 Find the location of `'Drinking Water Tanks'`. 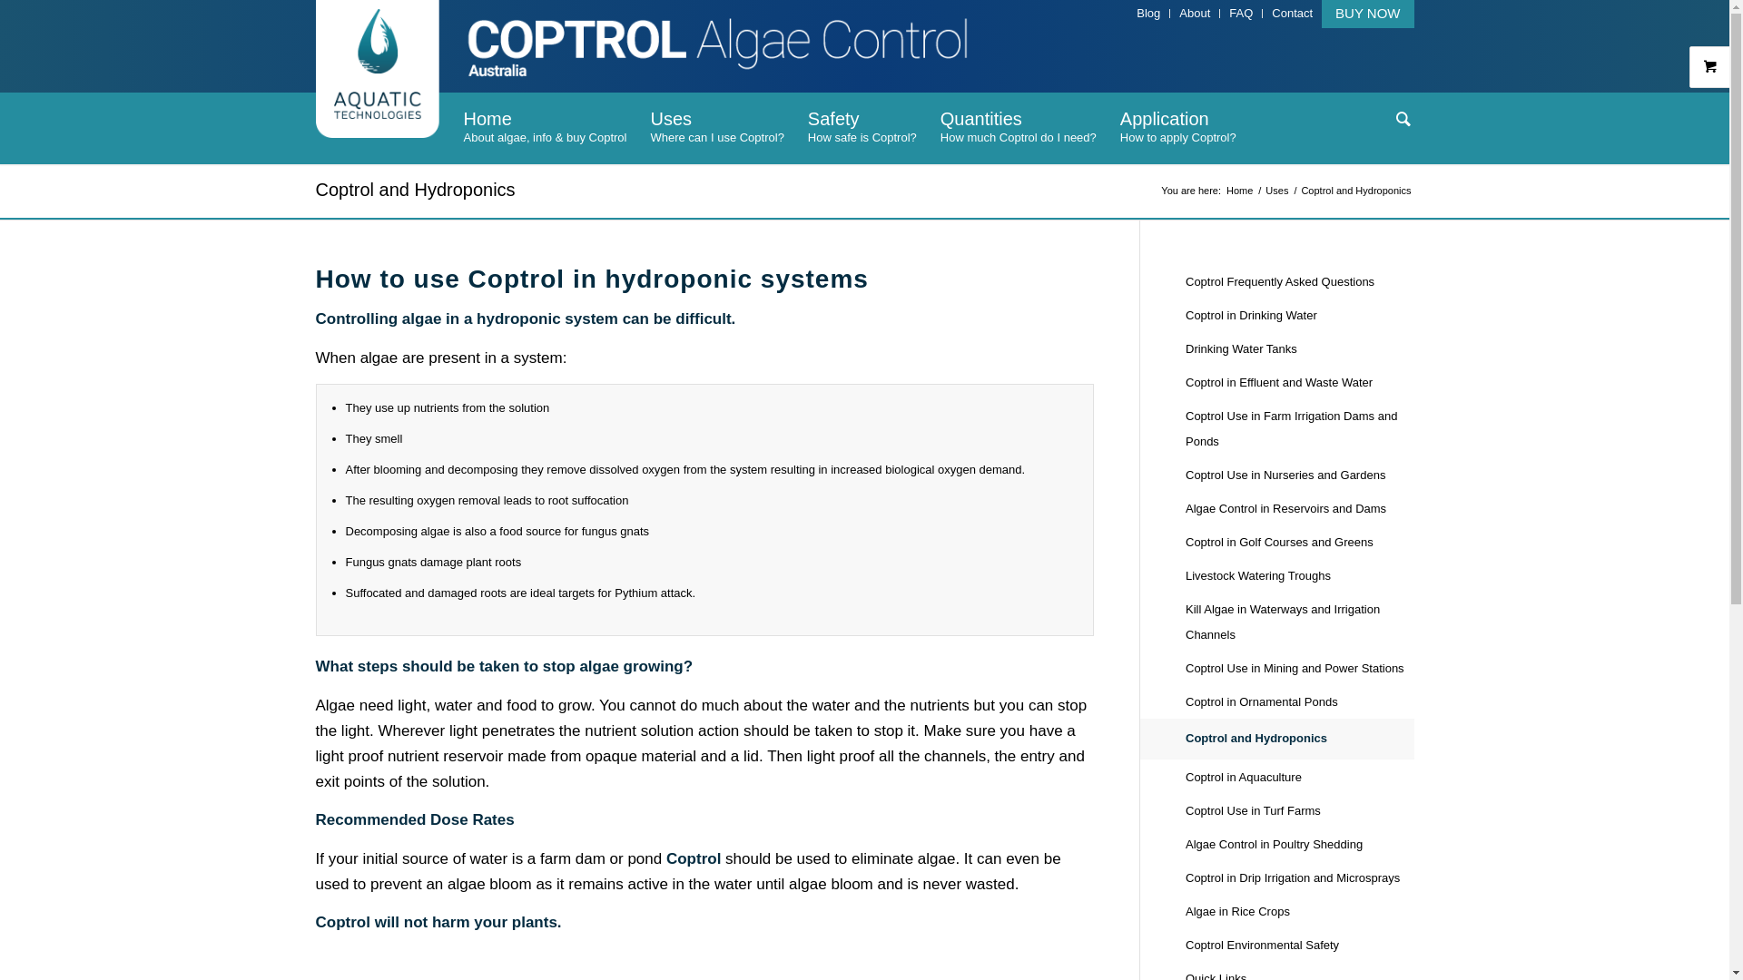

'Drinking Water Tanks' is located at coordinates (1298, 349).